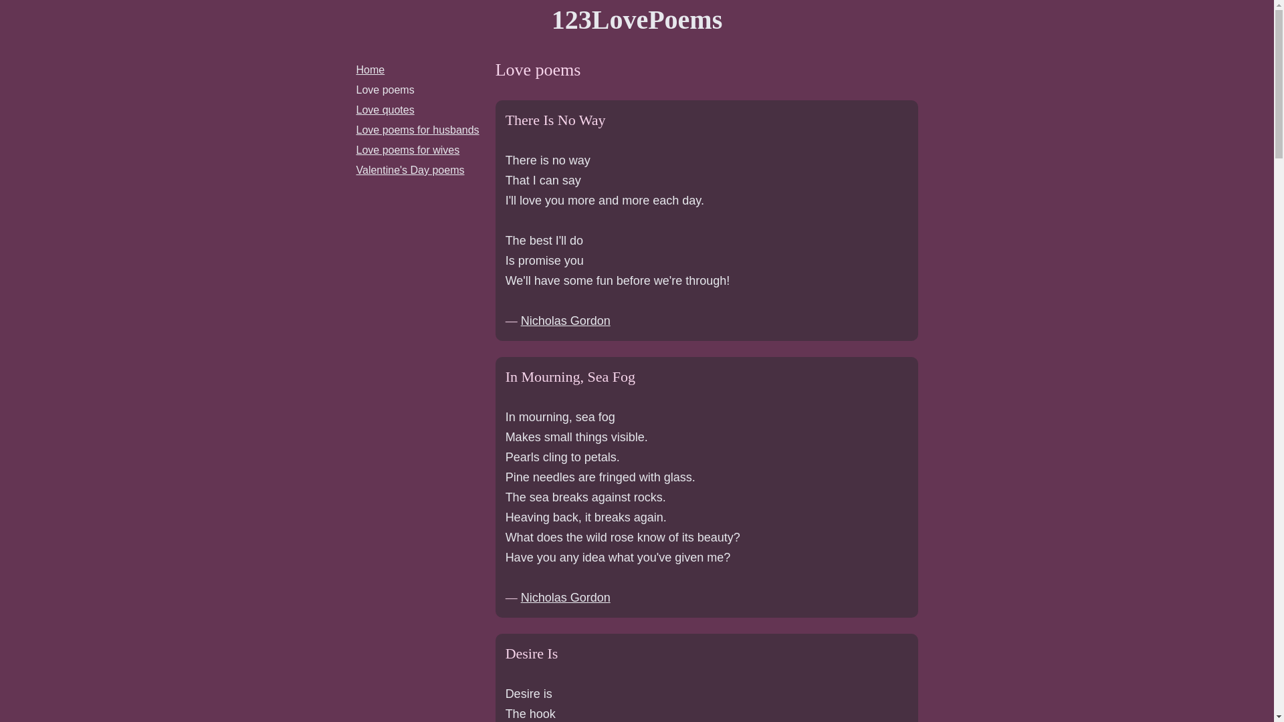 Image resolution: width=1284 pixels, height=722 pixels. Describe the element at coordinates (356, 169) in the screenshot. I see `'Valentine's Day poems'` at that location.